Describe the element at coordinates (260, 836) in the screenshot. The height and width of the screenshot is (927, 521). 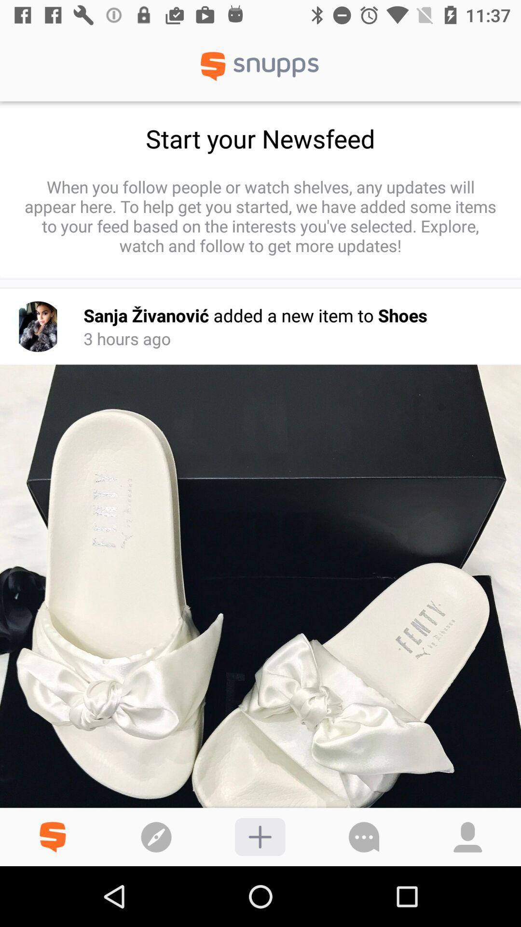
I see `to your collection` at that location.